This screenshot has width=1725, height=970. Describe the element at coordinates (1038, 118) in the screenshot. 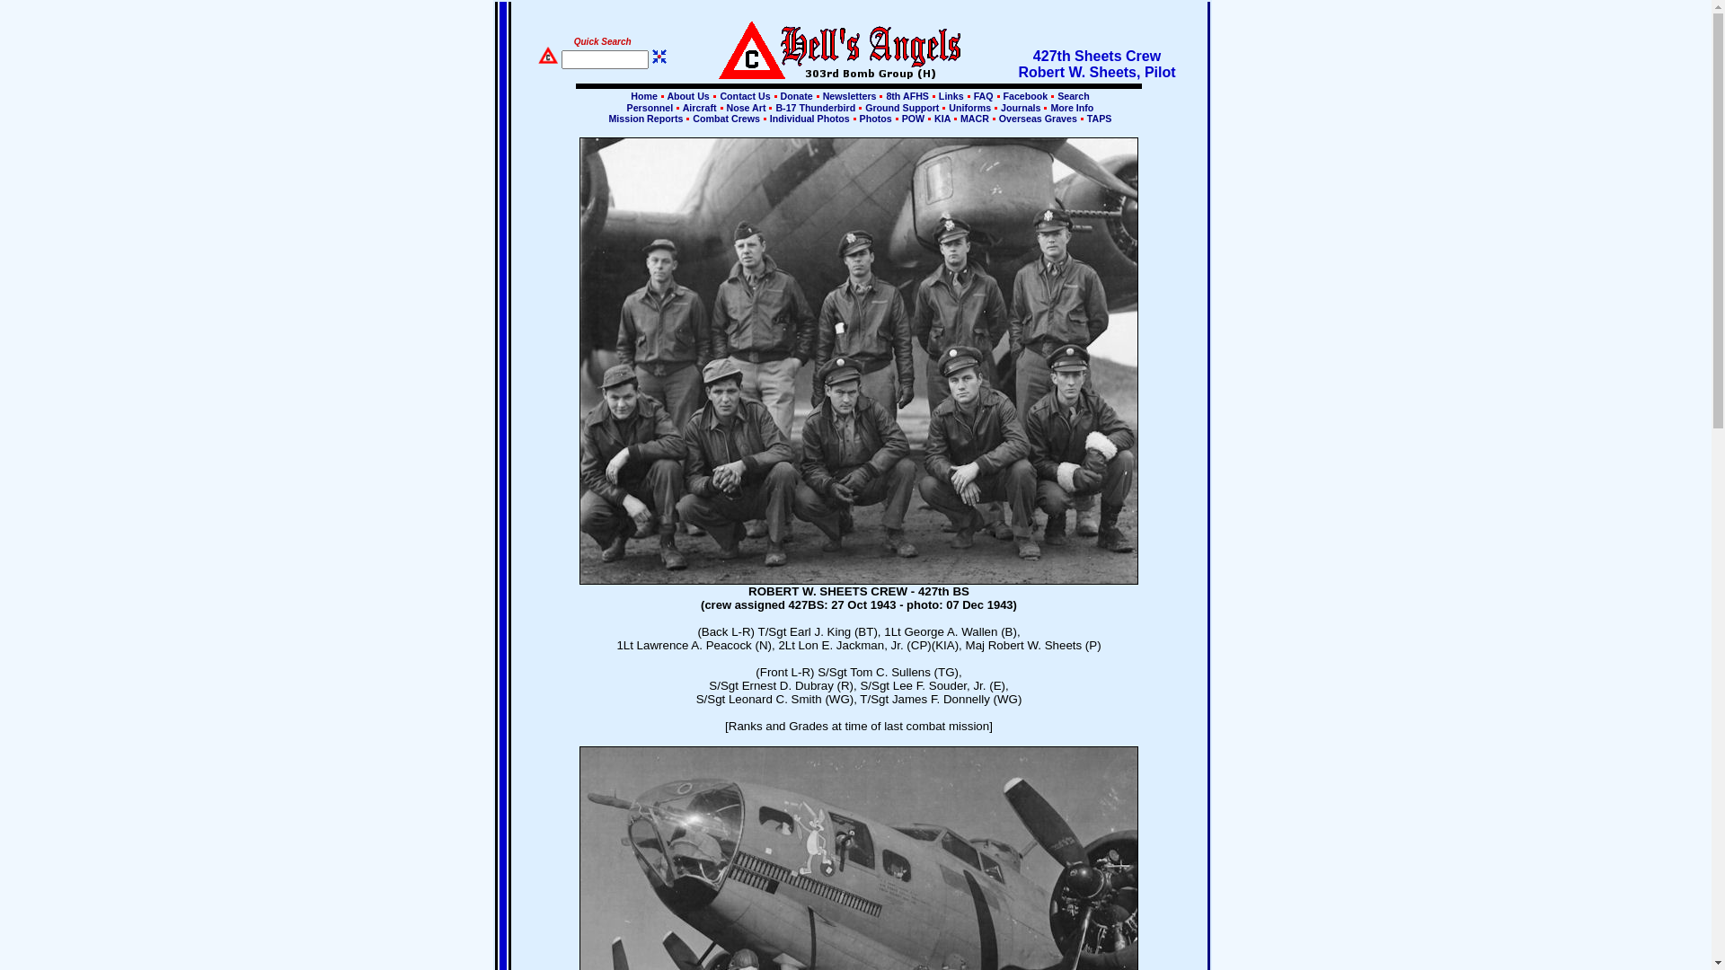

I see `'Overseas Graves'` at that location.